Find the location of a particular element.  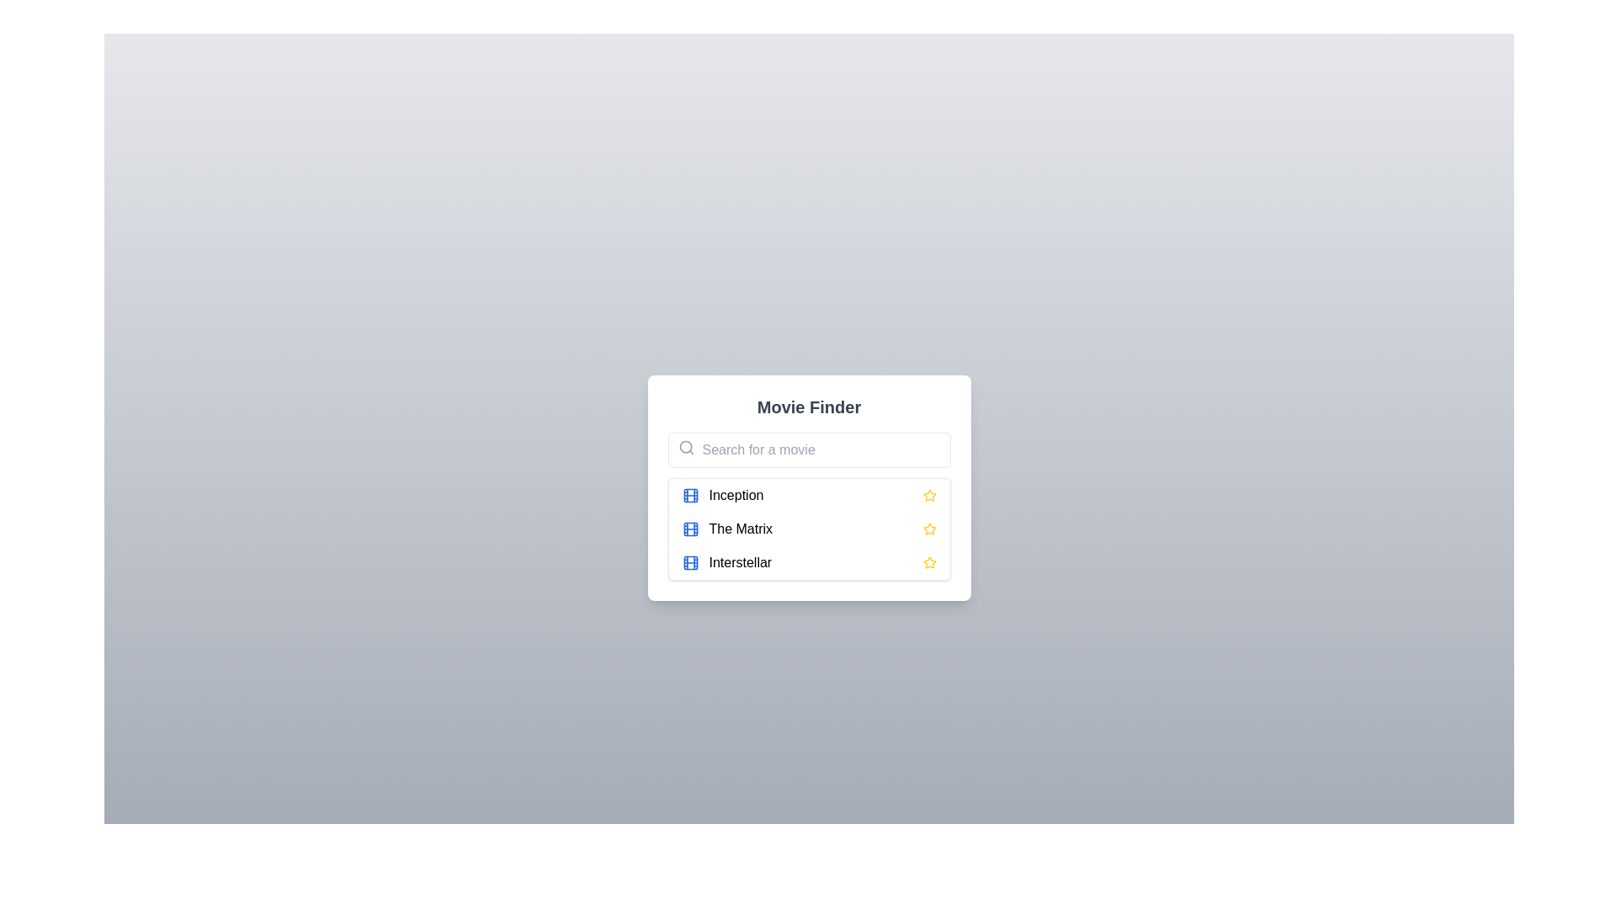

the blue rounded rectangle that is part of the film strip icon located to the left of the text 'Interstellar' in the movie list is located at coordinates (690, 562).